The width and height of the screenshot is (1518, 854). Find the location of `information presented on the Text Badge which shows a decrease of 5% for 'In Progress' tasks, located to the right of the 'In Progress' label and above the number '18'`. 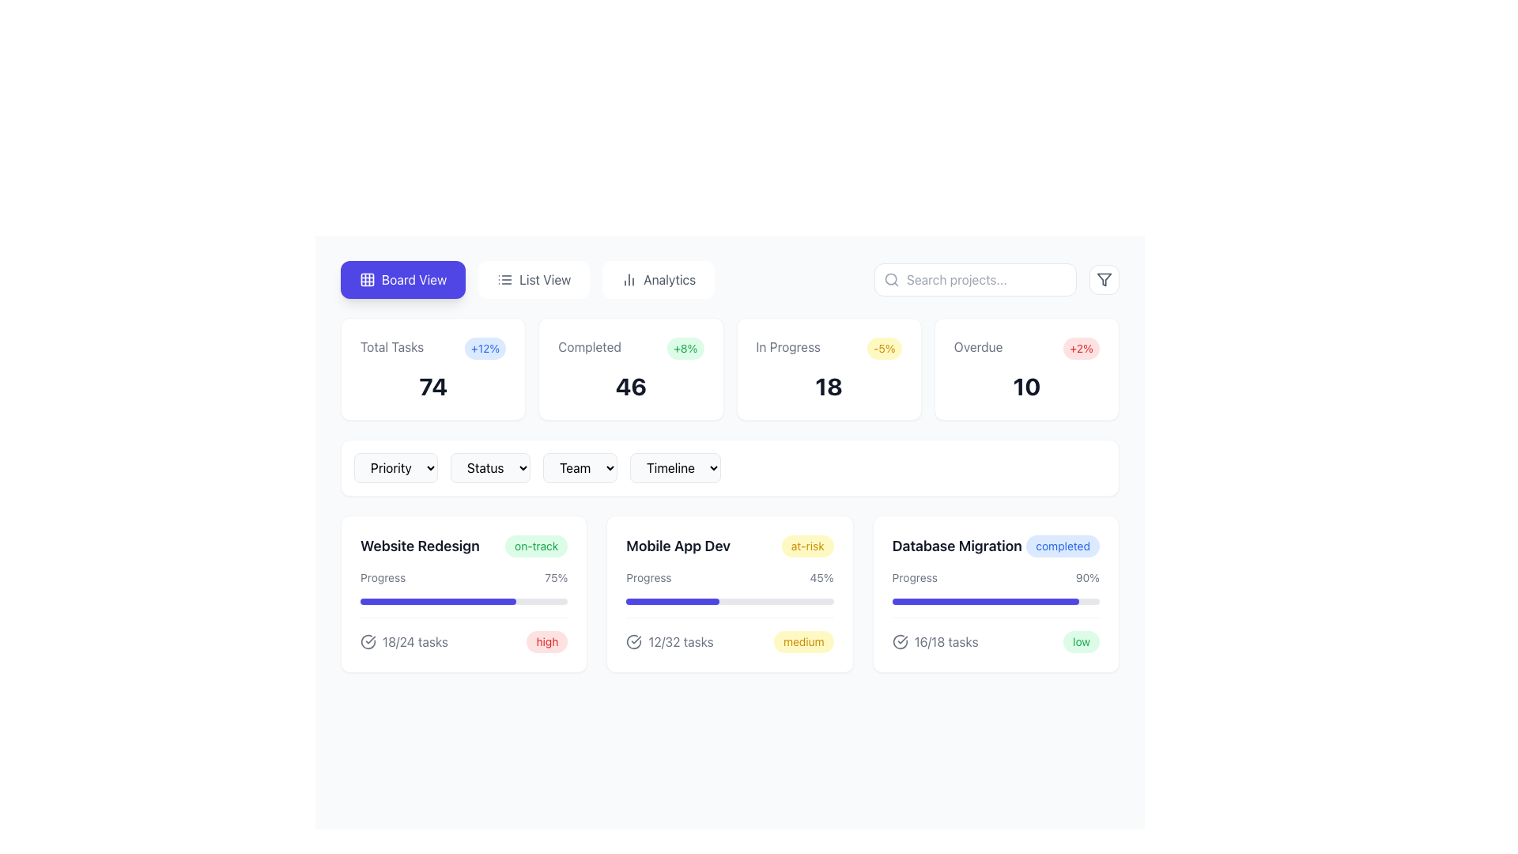

information presented on the Text Badge which shows a decrease of 5% for 'In Progress' tasks, located to the right of the 'In Progress' label and above the number '18' is located at coordinates (883, 347).